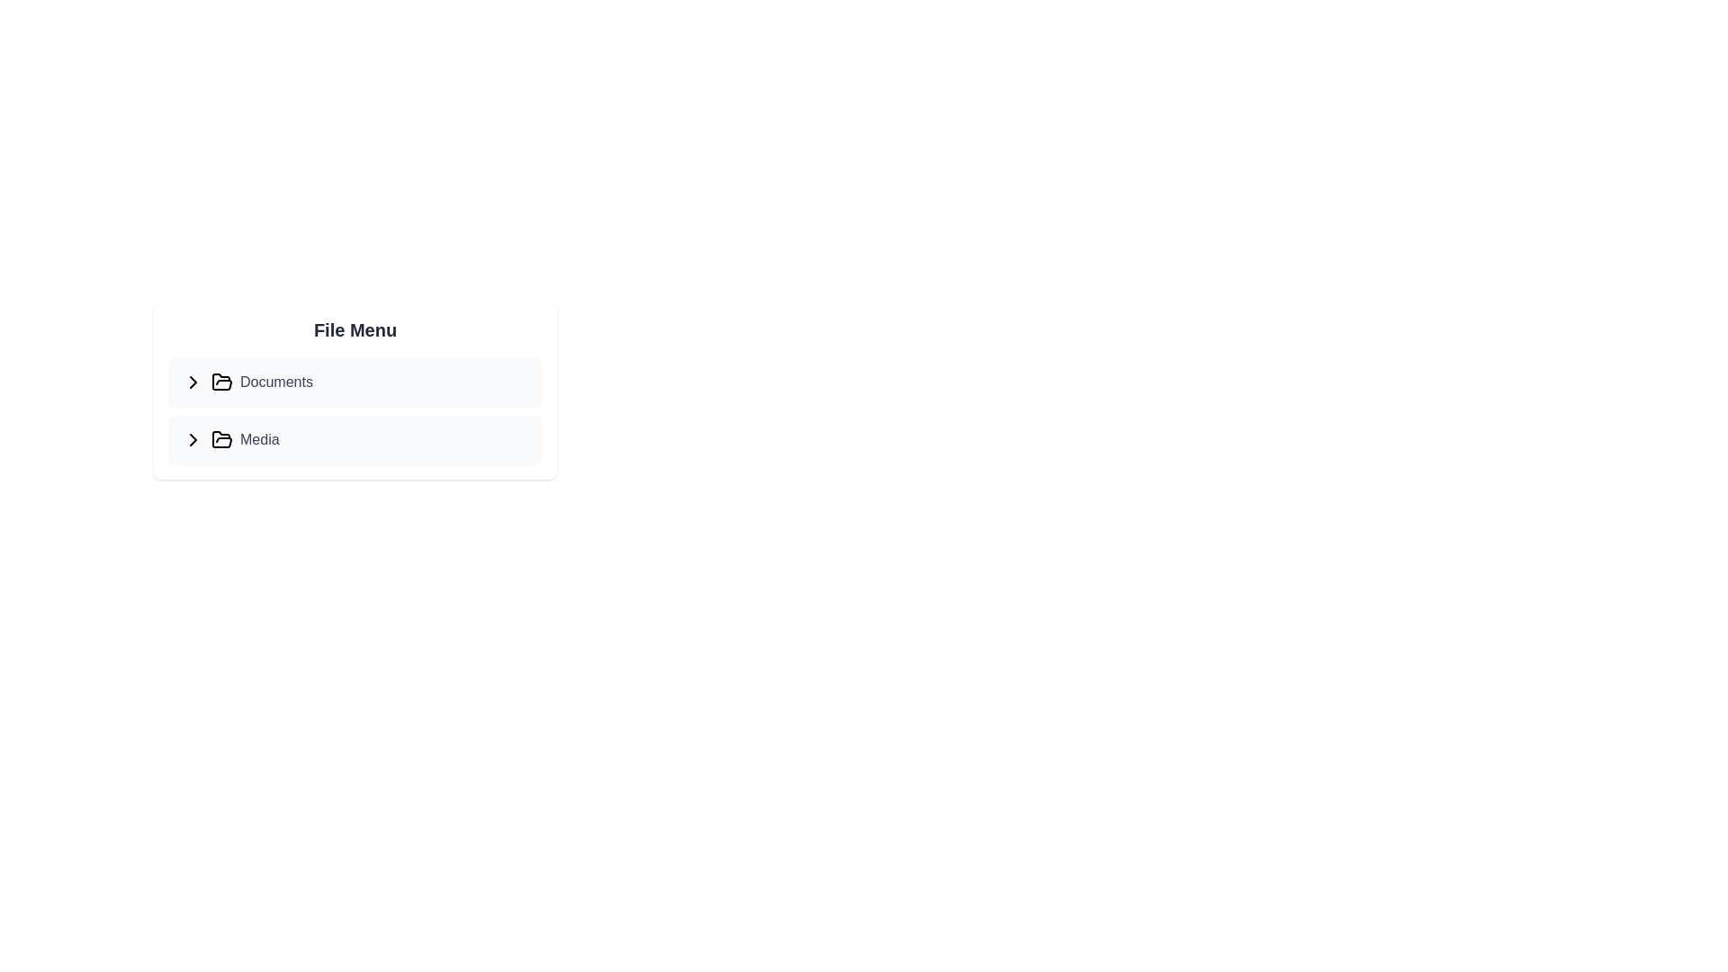  What do you see at coordinates (193, 440) in the screenshot?
I see `the chevron icon that resembles a rightward arrow in the 'Media' row of the 'File Menu'` at bounding box center [193, 440].